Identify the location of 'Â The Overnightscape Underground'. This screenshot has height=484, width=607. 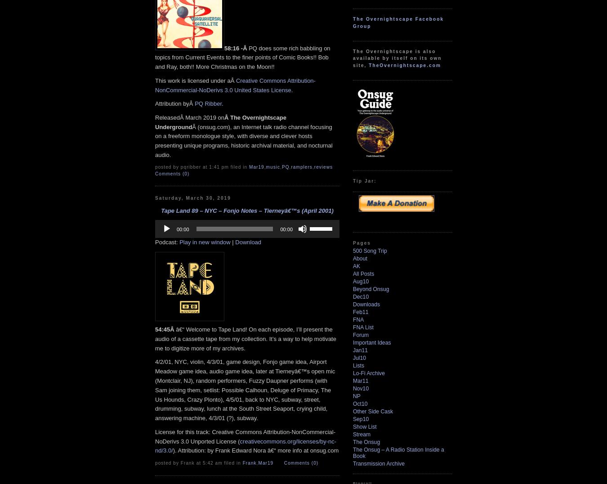
(220, 121).